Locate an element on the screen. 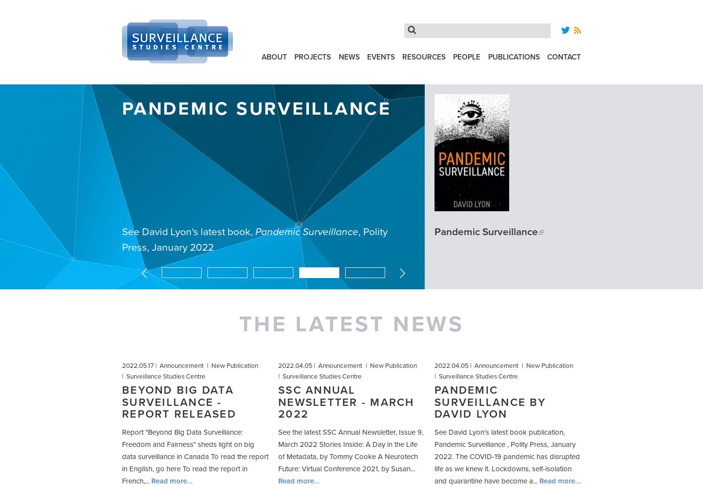  '5' is located at coordinates (387, 270).